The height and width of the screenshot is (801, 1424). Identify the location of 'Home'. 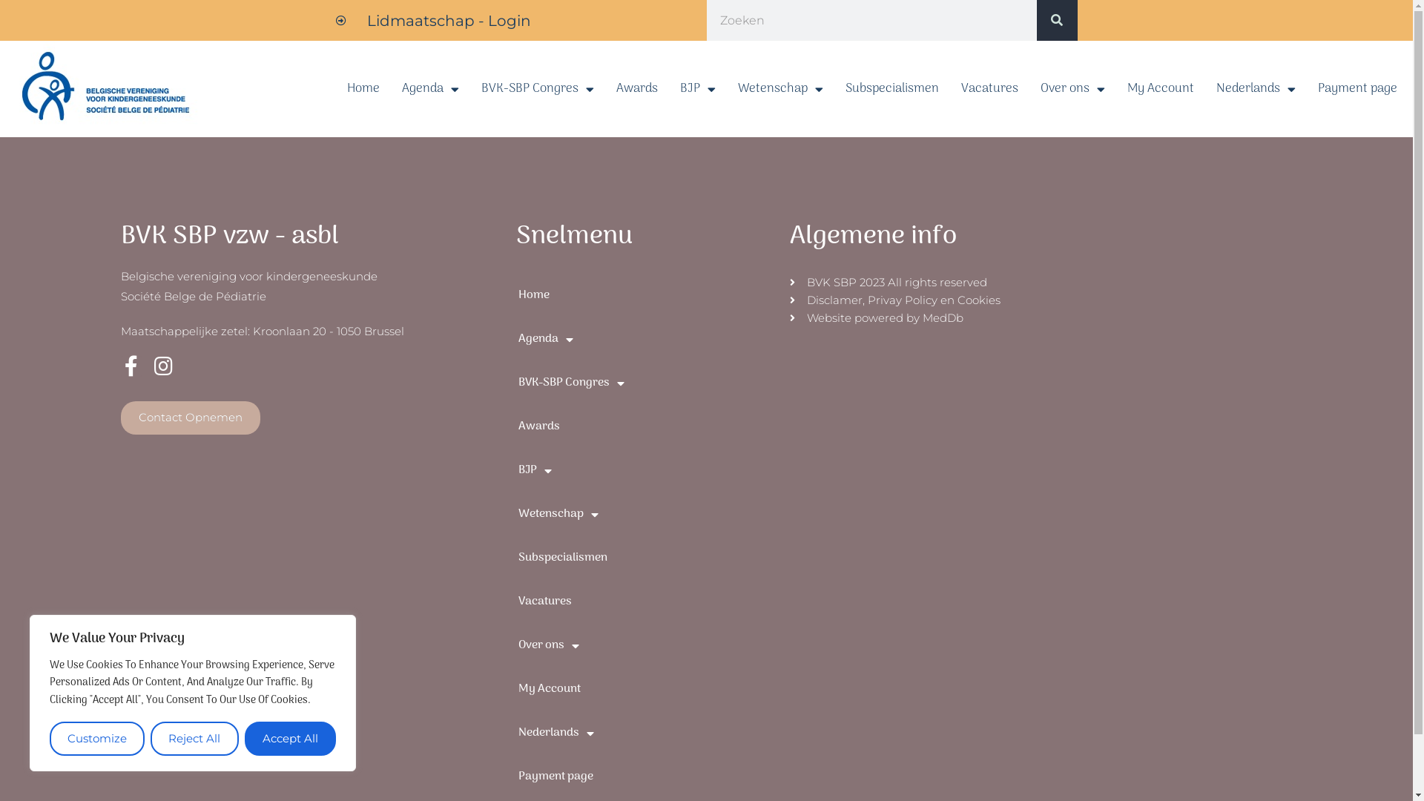
(363, 88).